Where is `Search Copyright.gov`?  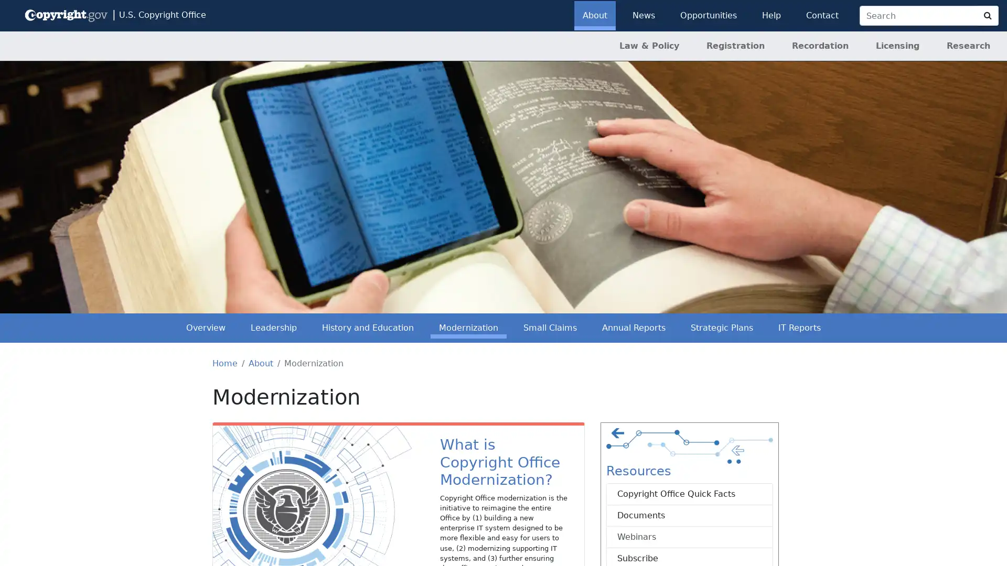 Search Copyright.gov is located at coordinates (987, 16).